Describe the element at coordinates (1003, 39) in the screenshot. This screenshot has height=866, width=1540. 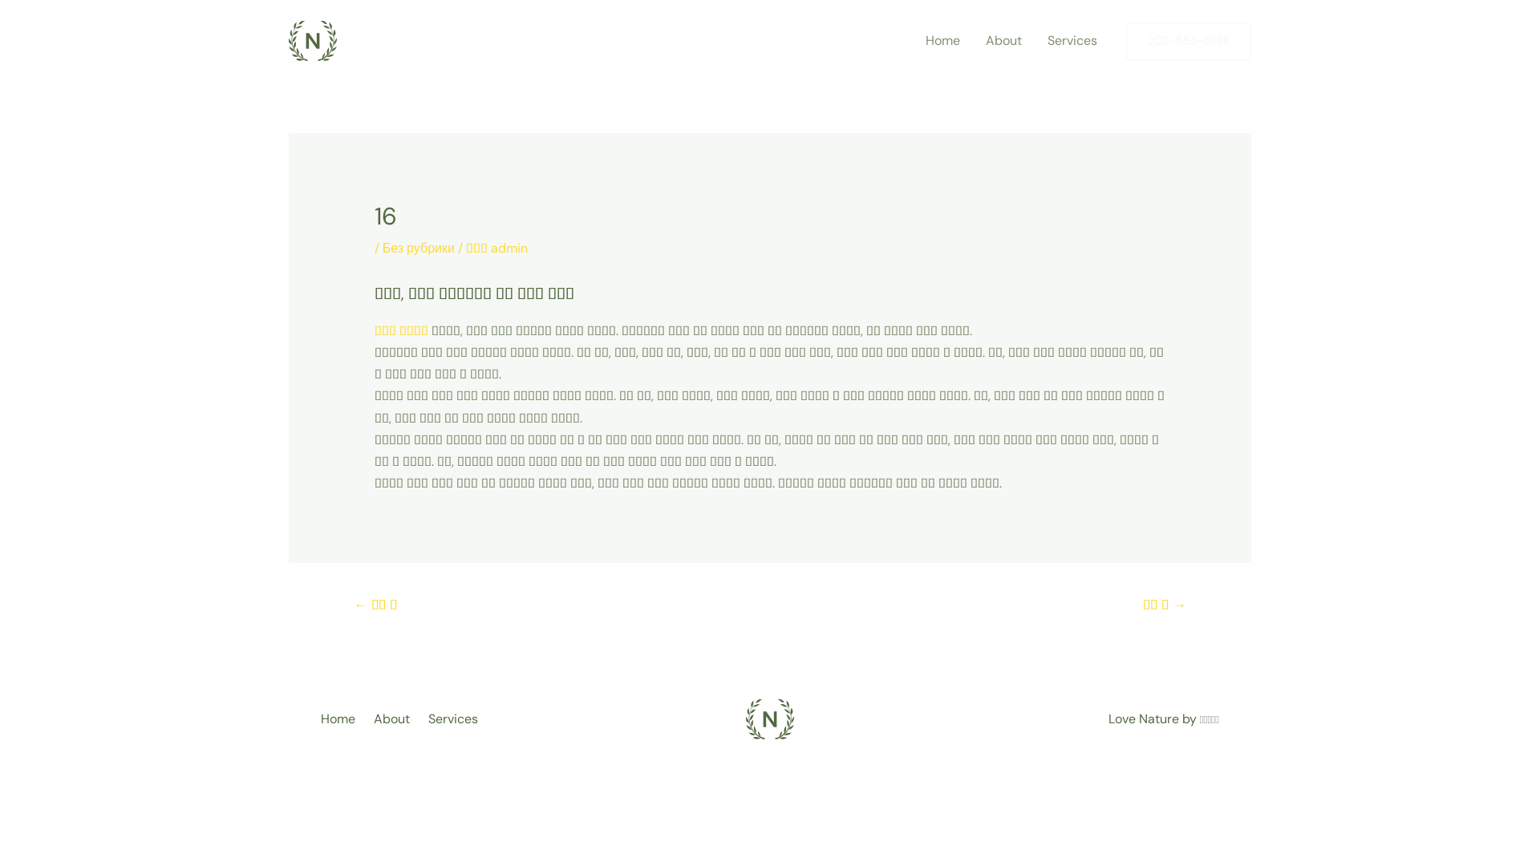
I see `'About'` at that location.